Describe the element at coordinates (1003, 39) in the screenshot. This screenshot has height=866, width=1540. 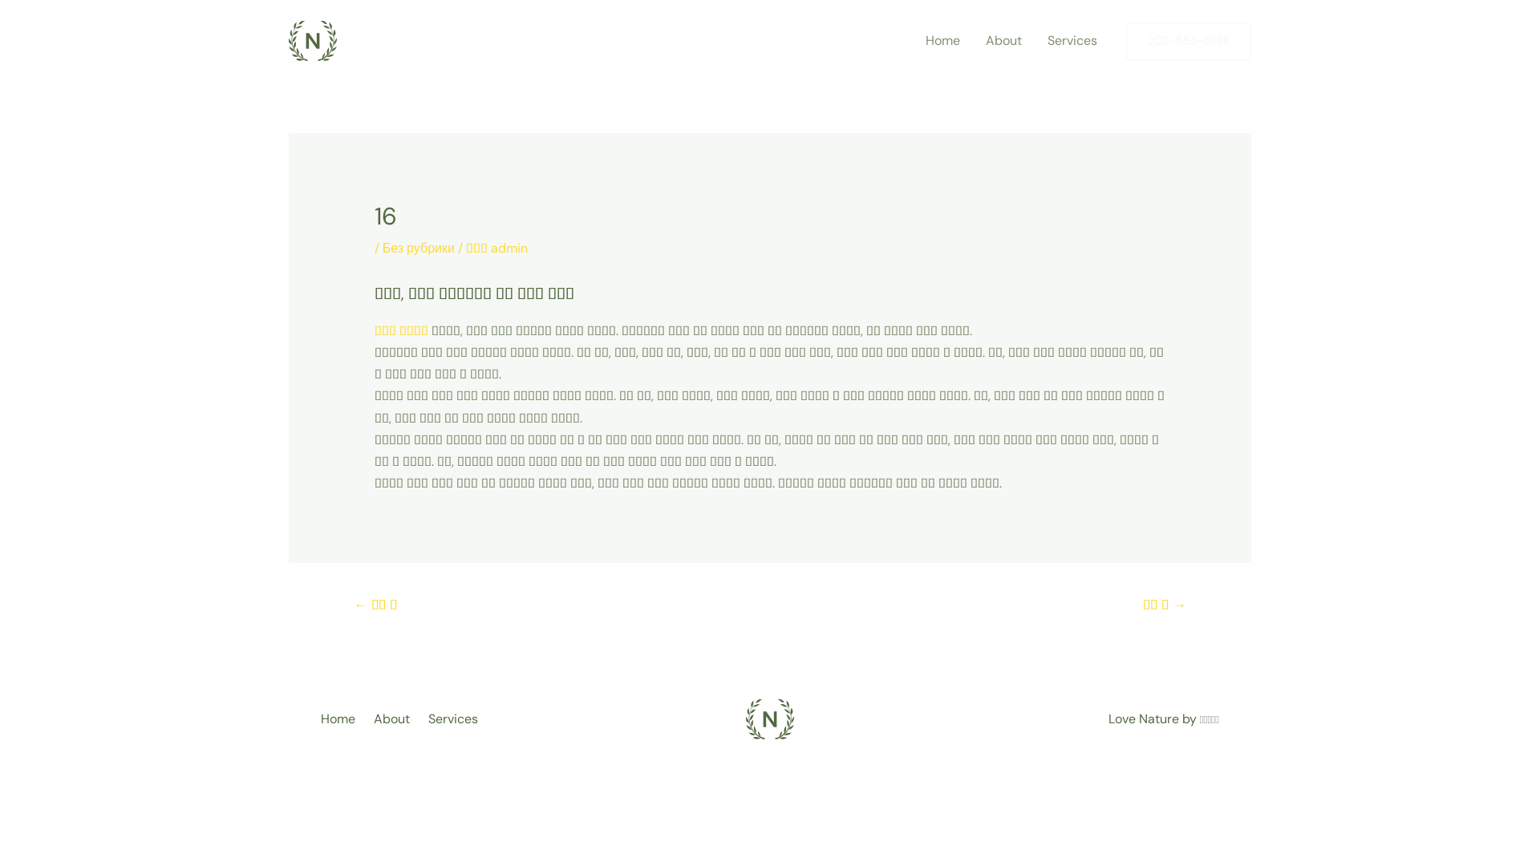
I see `'About'` at that location.